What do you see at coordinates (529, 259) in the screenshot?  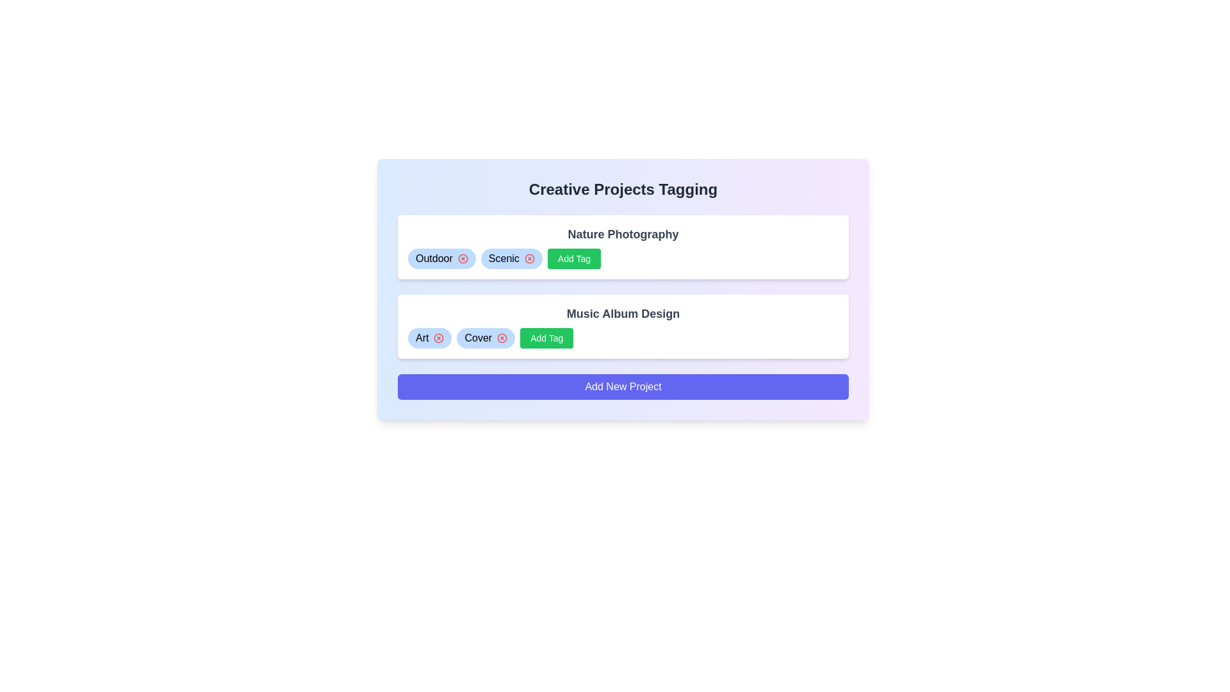 I see `the Icon button located to the top-right corner of the 'Scenic' tag under the 'Nature Photography' section` at bounding box center [529, 259].